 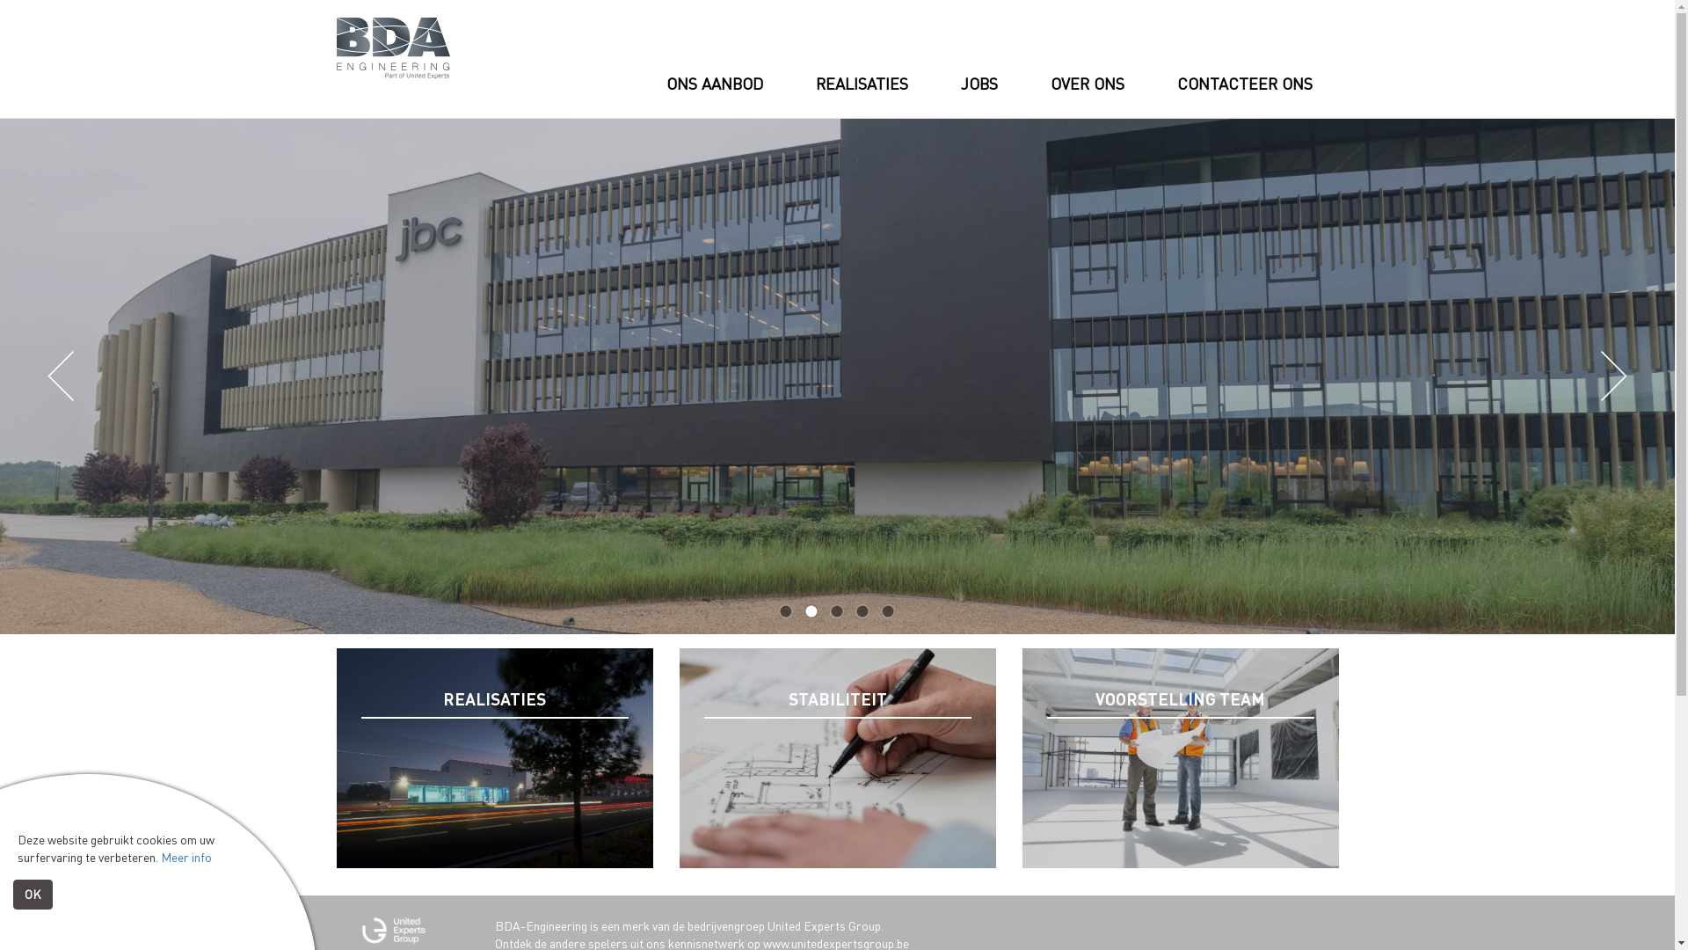 I want to click on 'REALISATIES', so click(x=492, y=756).